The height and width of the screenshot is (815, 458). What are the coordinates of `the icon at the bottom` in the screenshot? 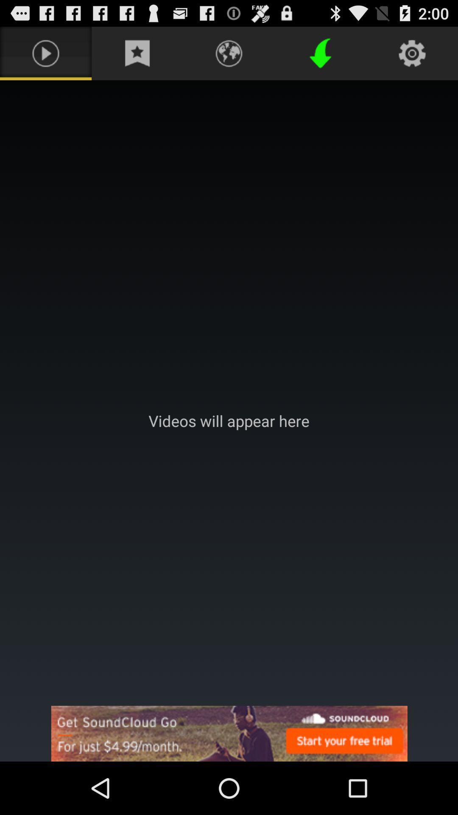 It's located at (229, 733).